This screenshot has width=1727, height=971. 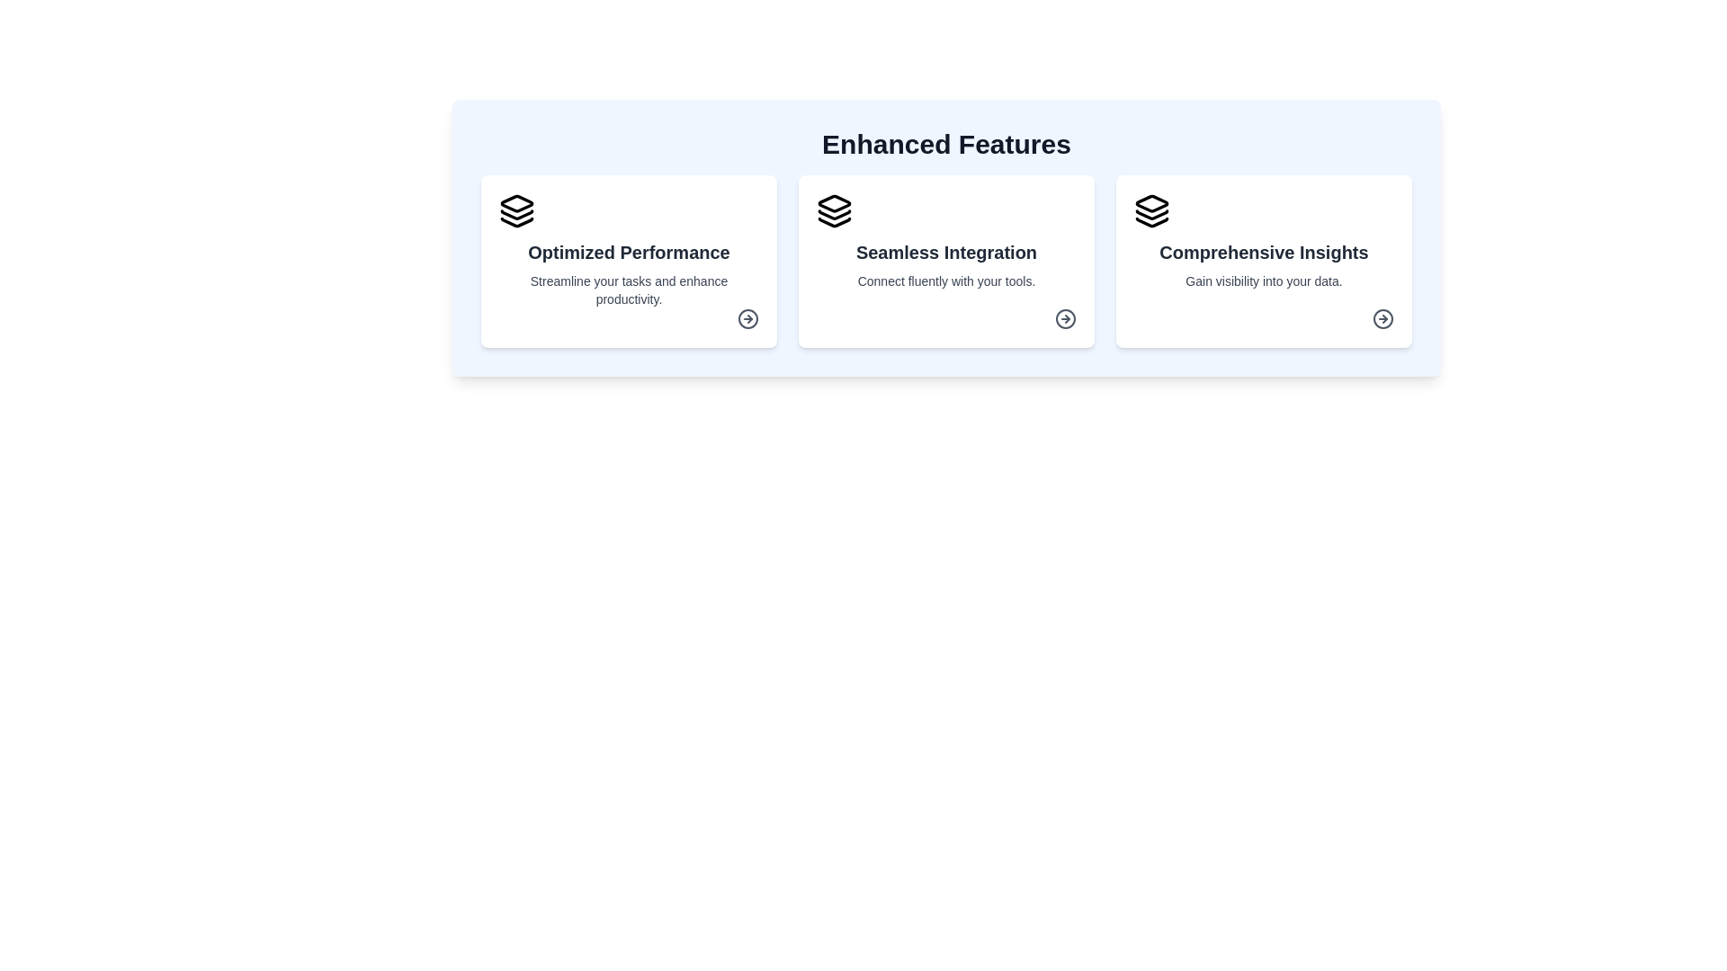 What do you see at coordinates (516, 202) in the screenshot?
I see `the stylized layer icon in the 'Optimized Performance' card, which is a light-themed SVG graphic consisting of overlapping angular shapes` at bounding box center [516, 202].